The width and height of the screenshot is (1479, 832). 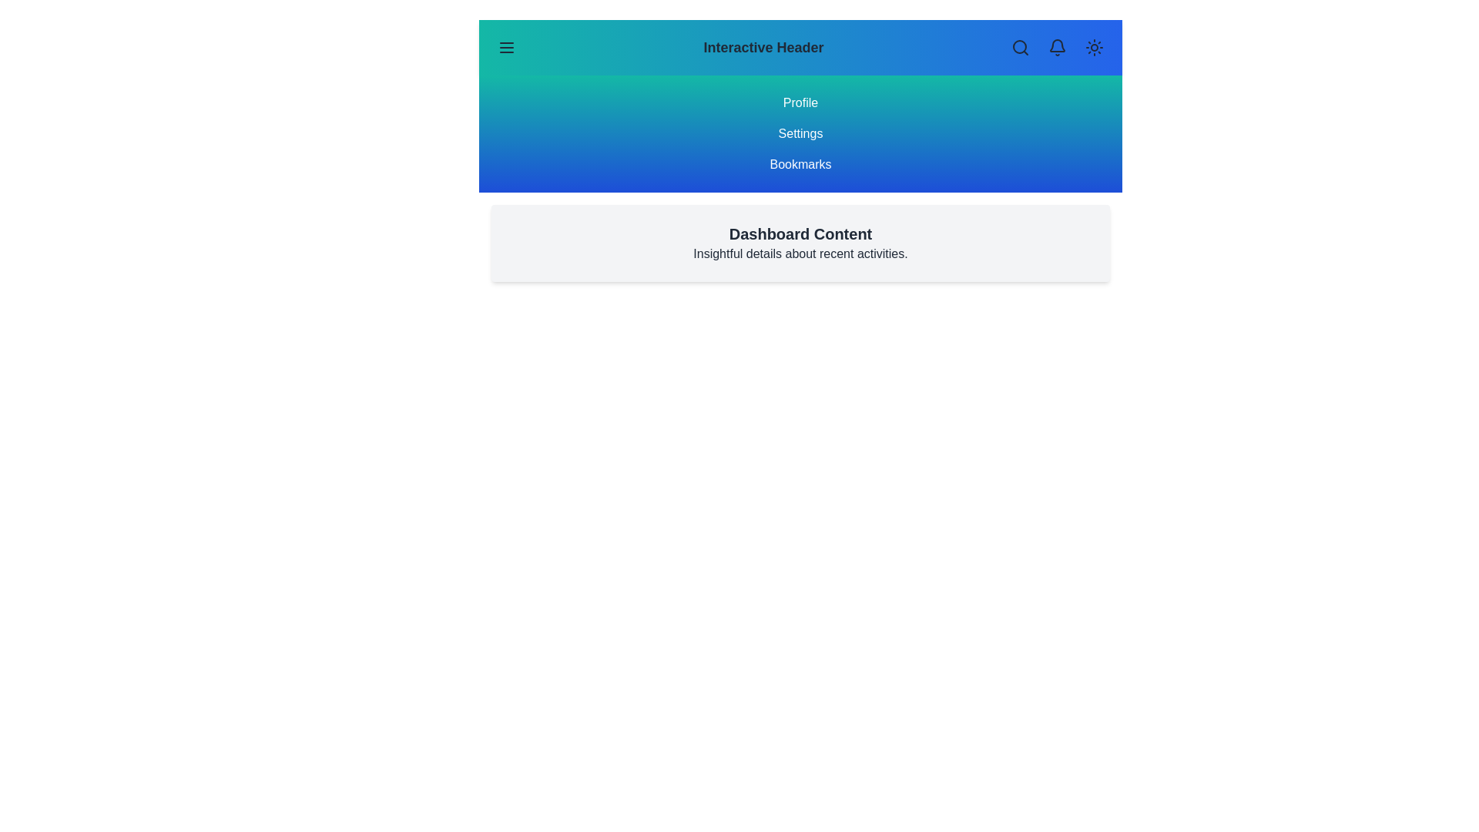 I want to click on the menu button to toggle the visibility of the side menu, so click(x=506, y=46).